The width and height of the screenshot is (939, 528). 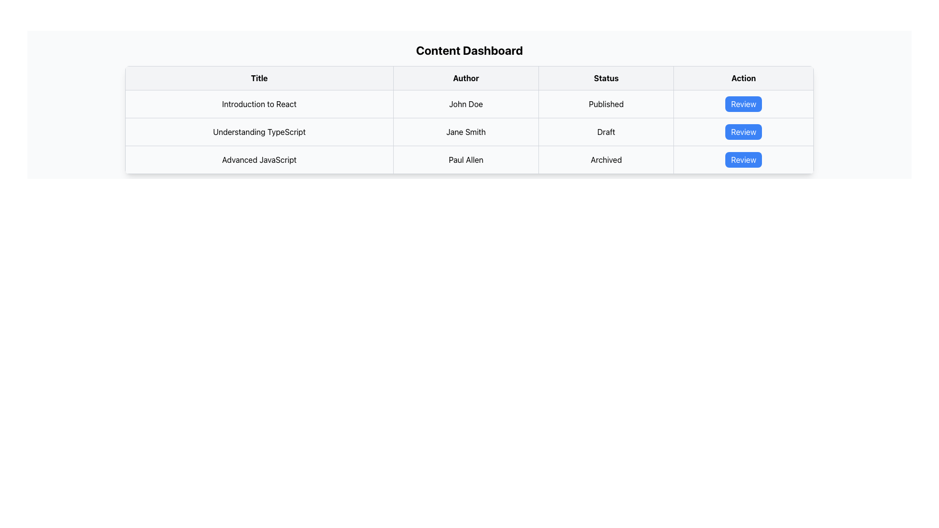 What do you see at coordinates (743, 132) in the screenshot?
I see `the review button for the item 'Understanding TypeScript' by 'Jane Smith'` at bounding box center [743, 132].